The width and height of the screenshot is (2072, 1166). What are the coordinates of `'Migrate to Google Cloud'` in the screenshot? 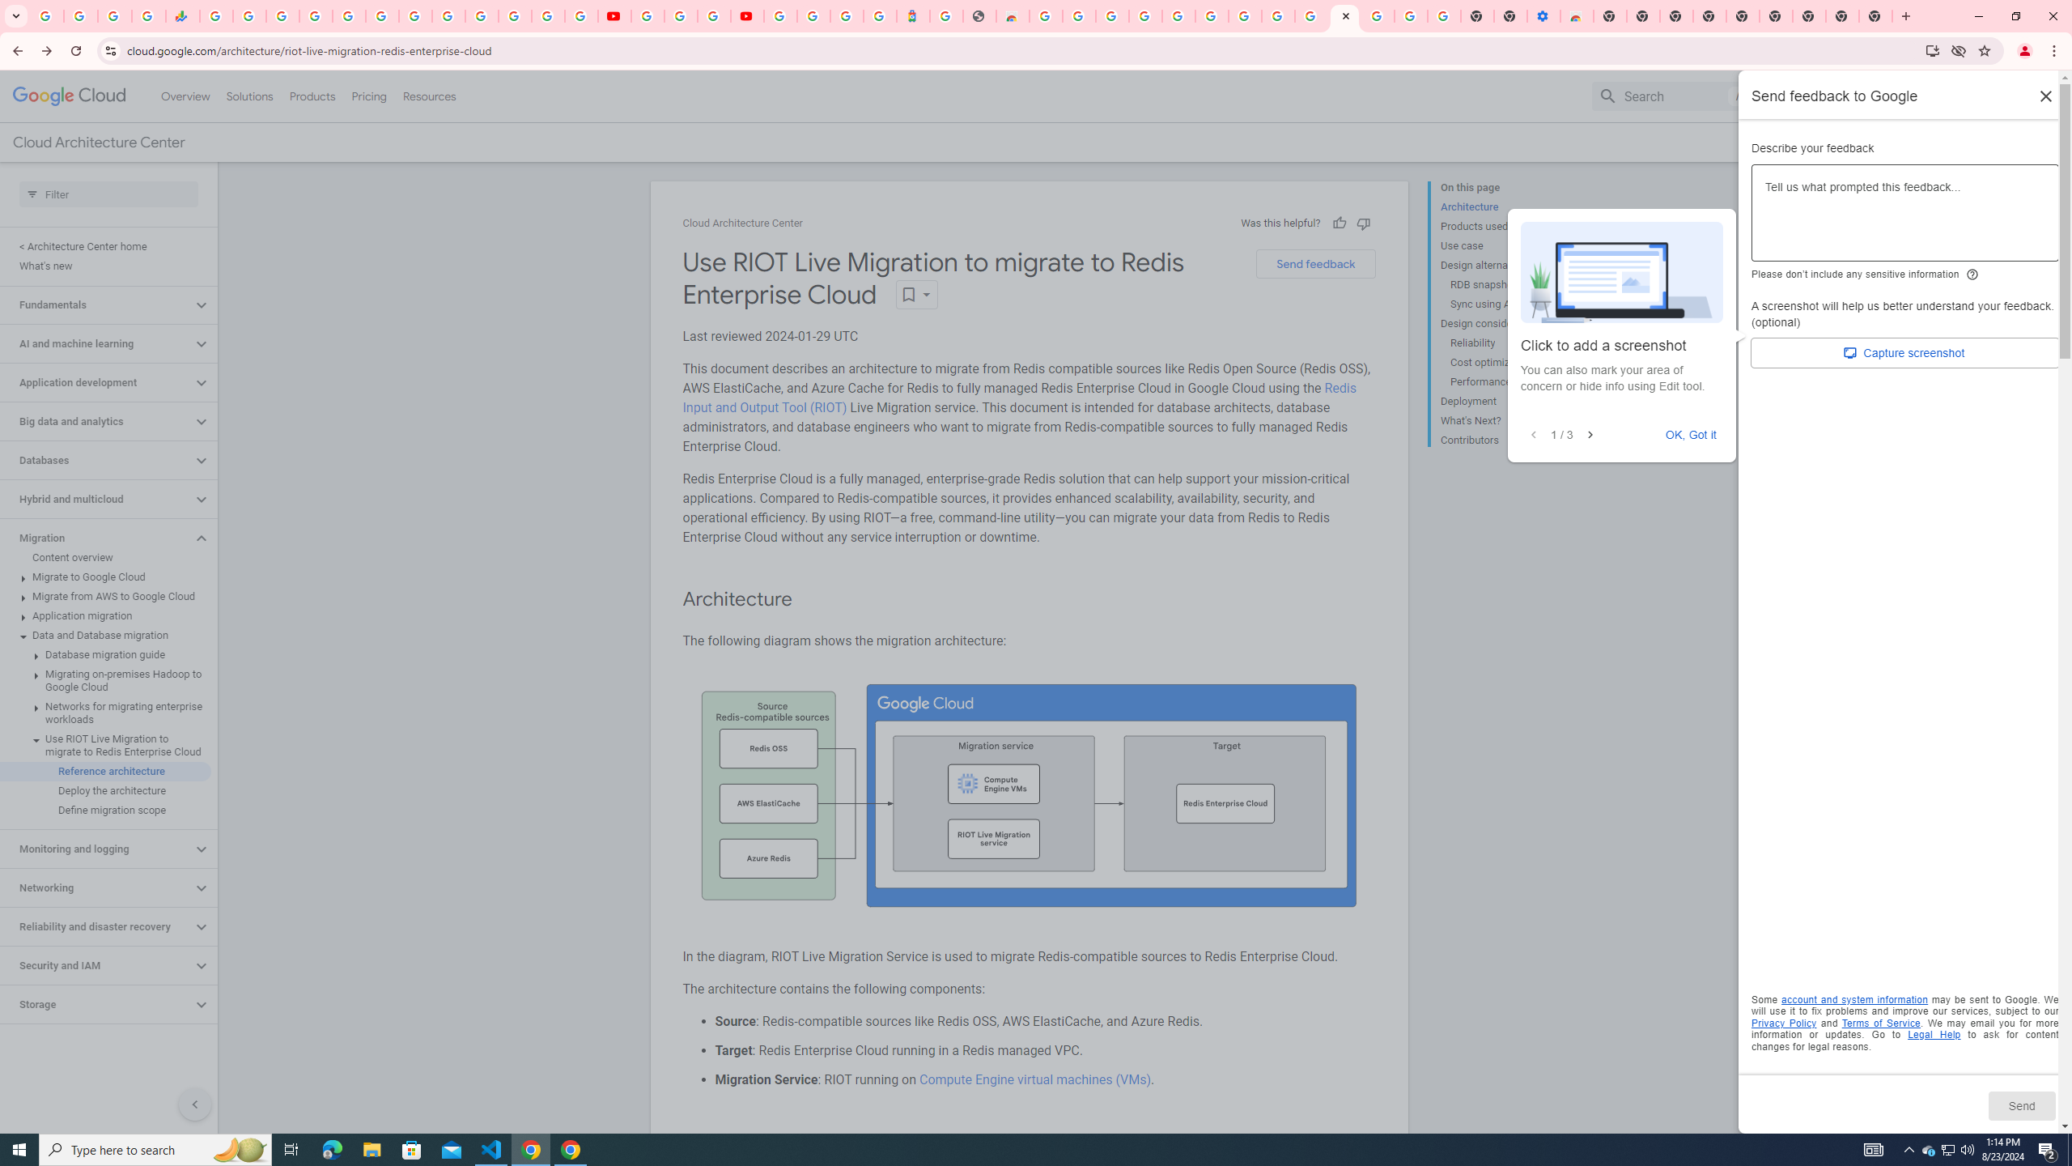 It's located at (105, 577).